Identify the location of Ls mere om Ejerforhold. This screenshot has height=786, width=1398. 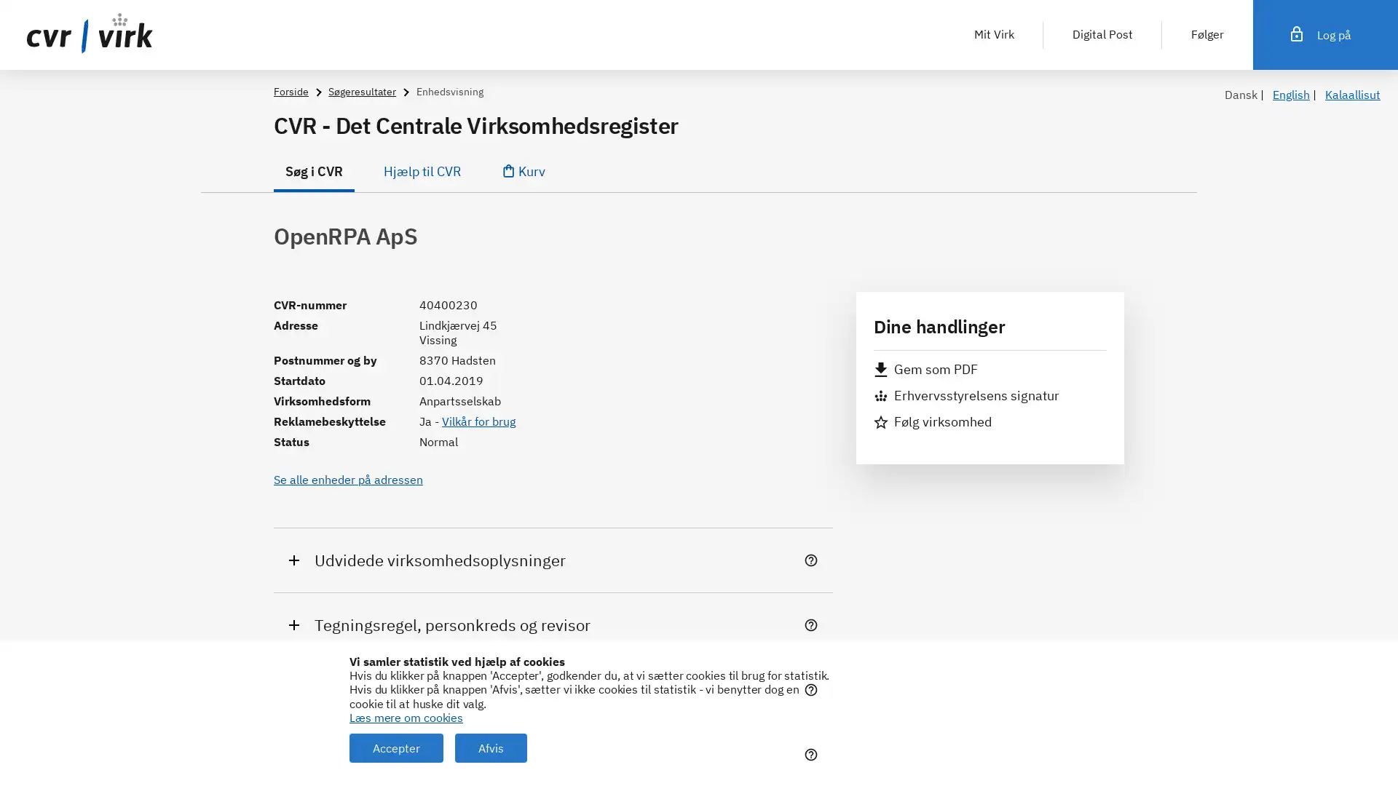
(813, 689).